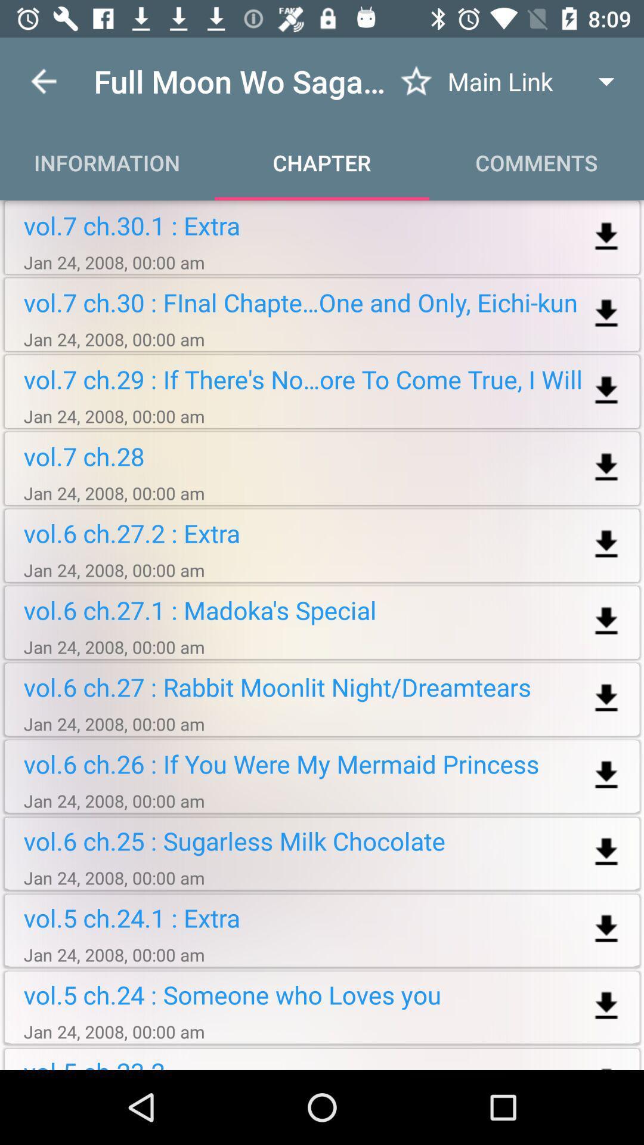  What do you see at coordinates (606, 237) in the screenshot?
I see `download symbol button` at bounding box center [606, 237].